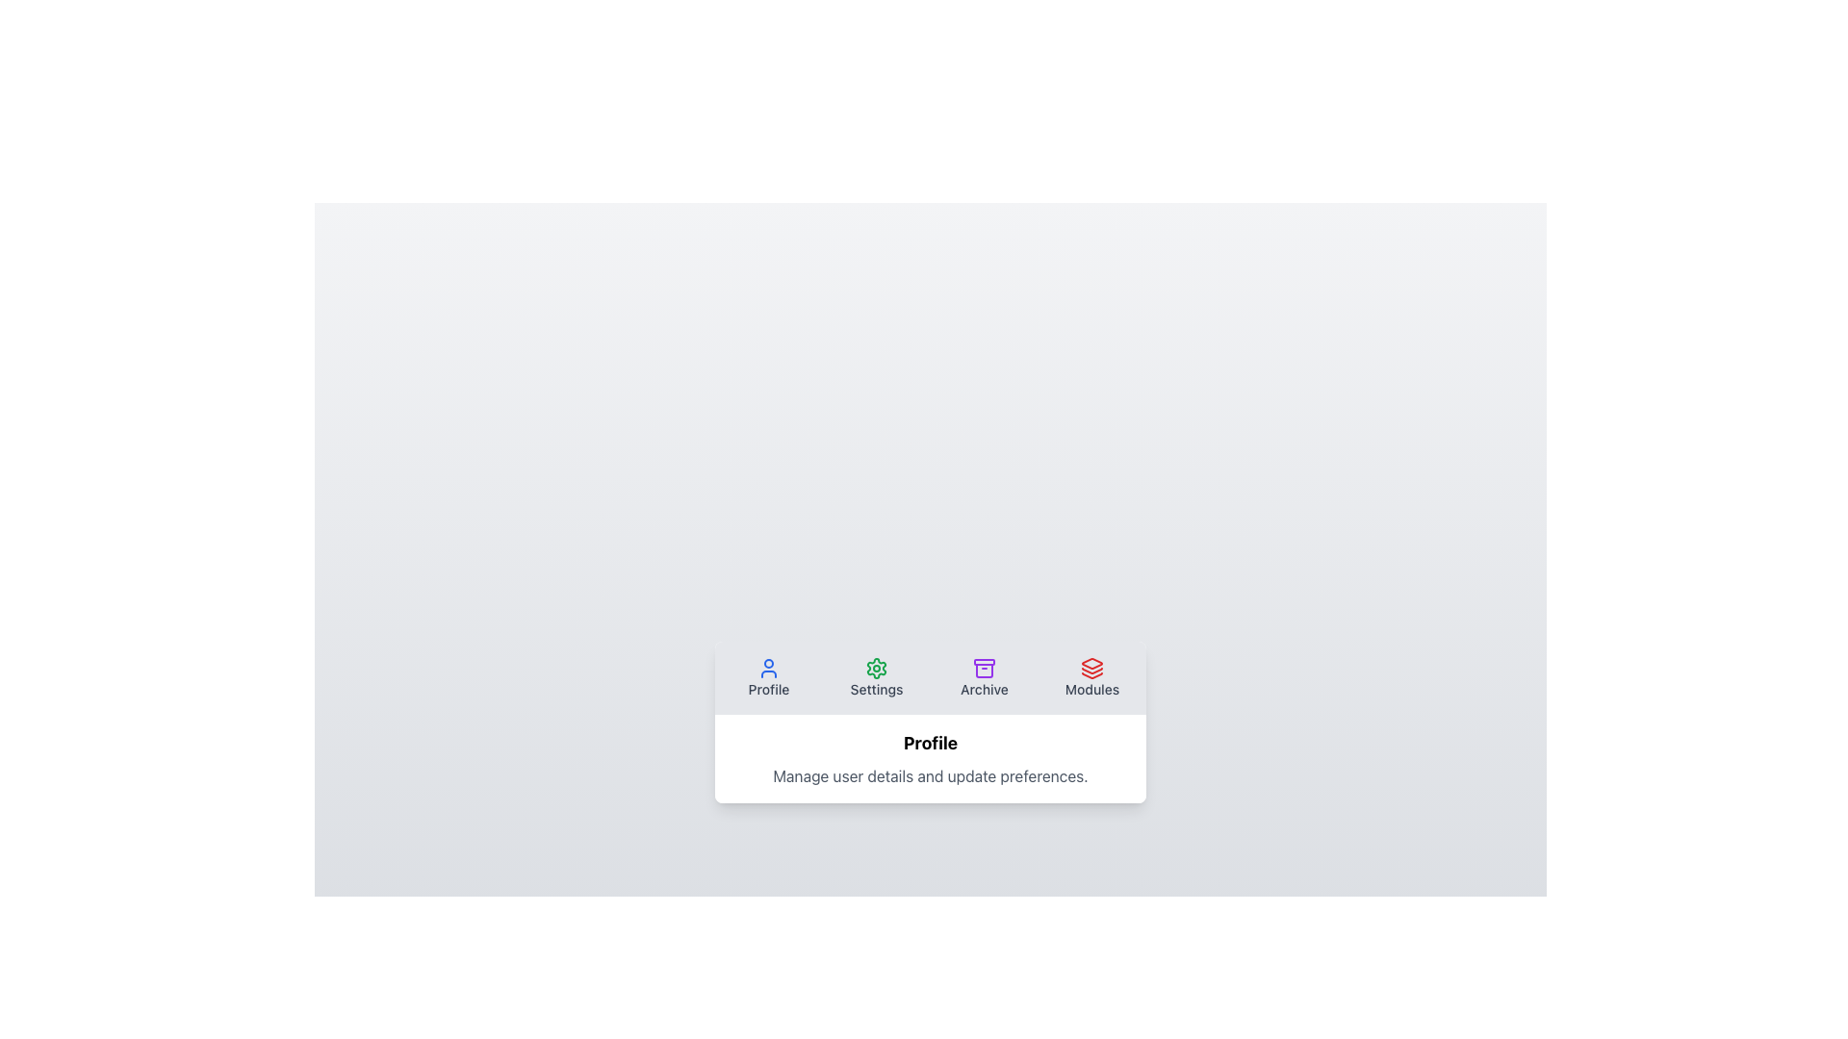  I want to click on the fourth tab from the left in the top-right corner of the tab bar, so click(1091, 677).